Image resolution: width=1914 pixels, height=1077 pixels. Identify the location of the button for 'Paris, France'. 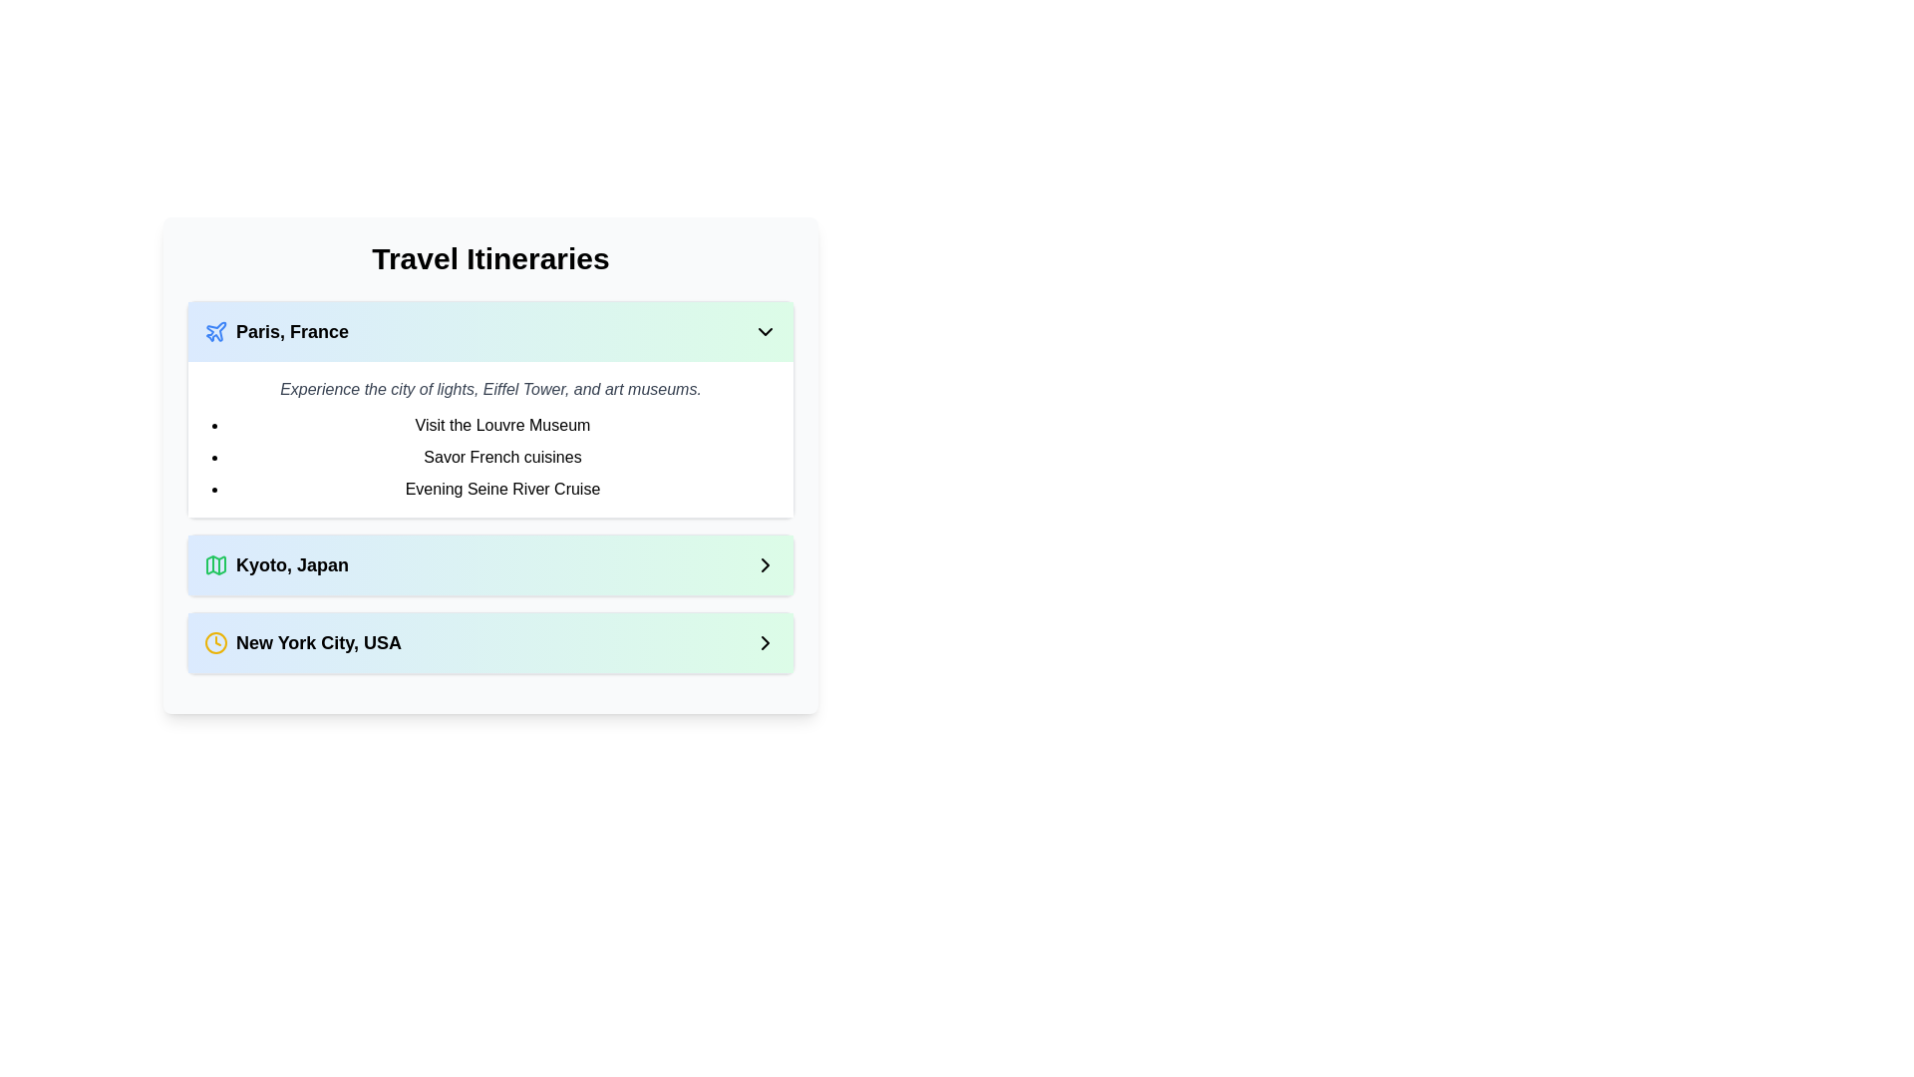
(490, 330).